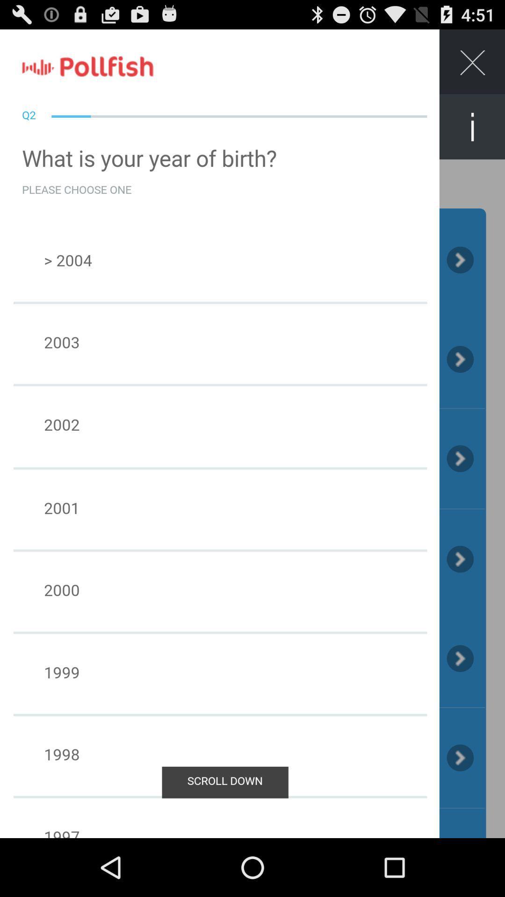 Image resolution: width=505 pixels, height=897 pixels. I want to click on the icon at the top, so click(252, 59).